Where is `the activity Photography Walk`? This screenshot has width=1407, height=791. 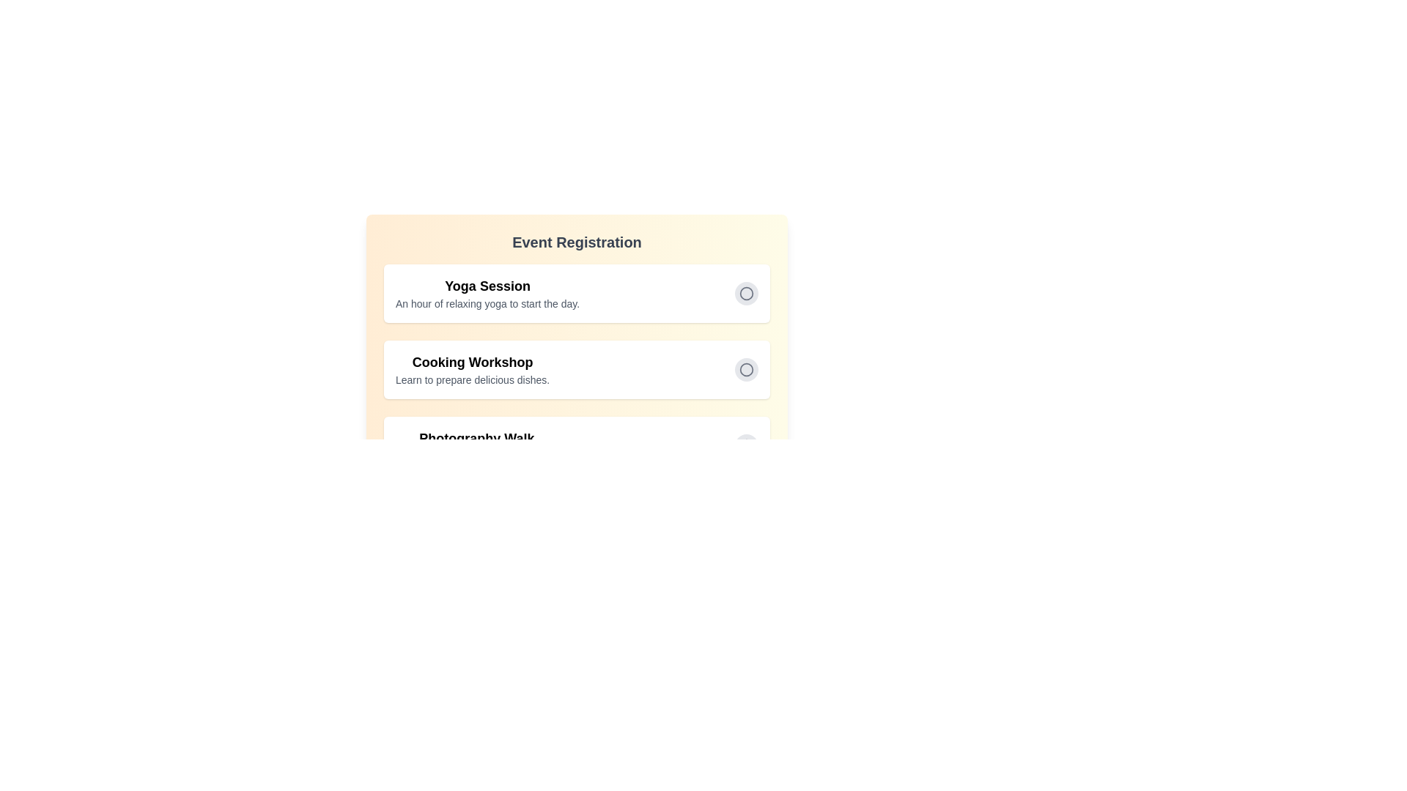
the activity Photography Walk is located at coordinates (746, 445).